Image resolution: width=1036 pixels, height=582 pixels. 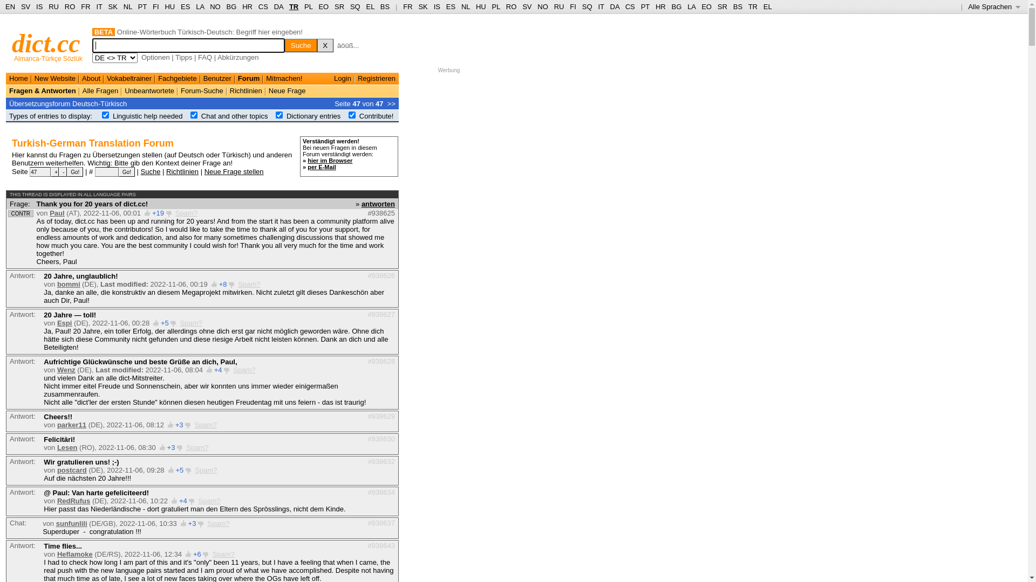 I want to click on 'Forum', so click(x=237, y=78).